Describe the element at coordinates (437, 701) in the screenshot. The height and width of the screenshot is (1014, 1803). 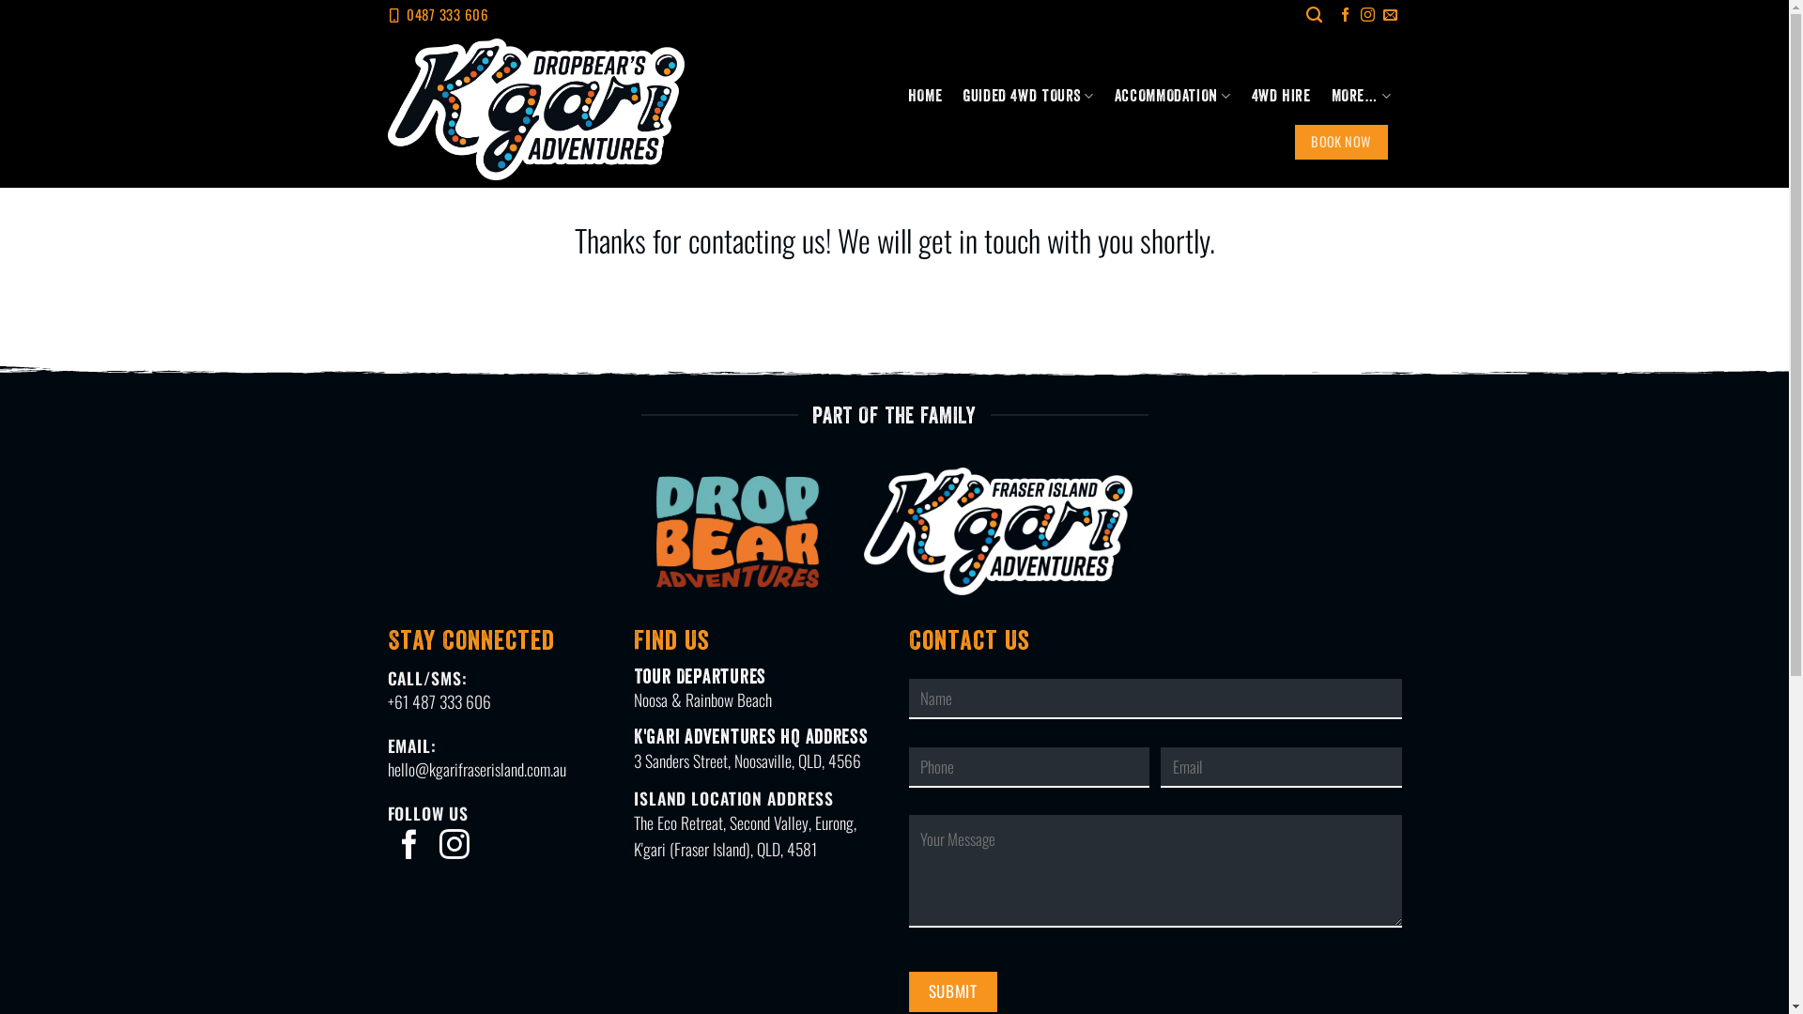
I see `'+61 487 333 606'` at that location.